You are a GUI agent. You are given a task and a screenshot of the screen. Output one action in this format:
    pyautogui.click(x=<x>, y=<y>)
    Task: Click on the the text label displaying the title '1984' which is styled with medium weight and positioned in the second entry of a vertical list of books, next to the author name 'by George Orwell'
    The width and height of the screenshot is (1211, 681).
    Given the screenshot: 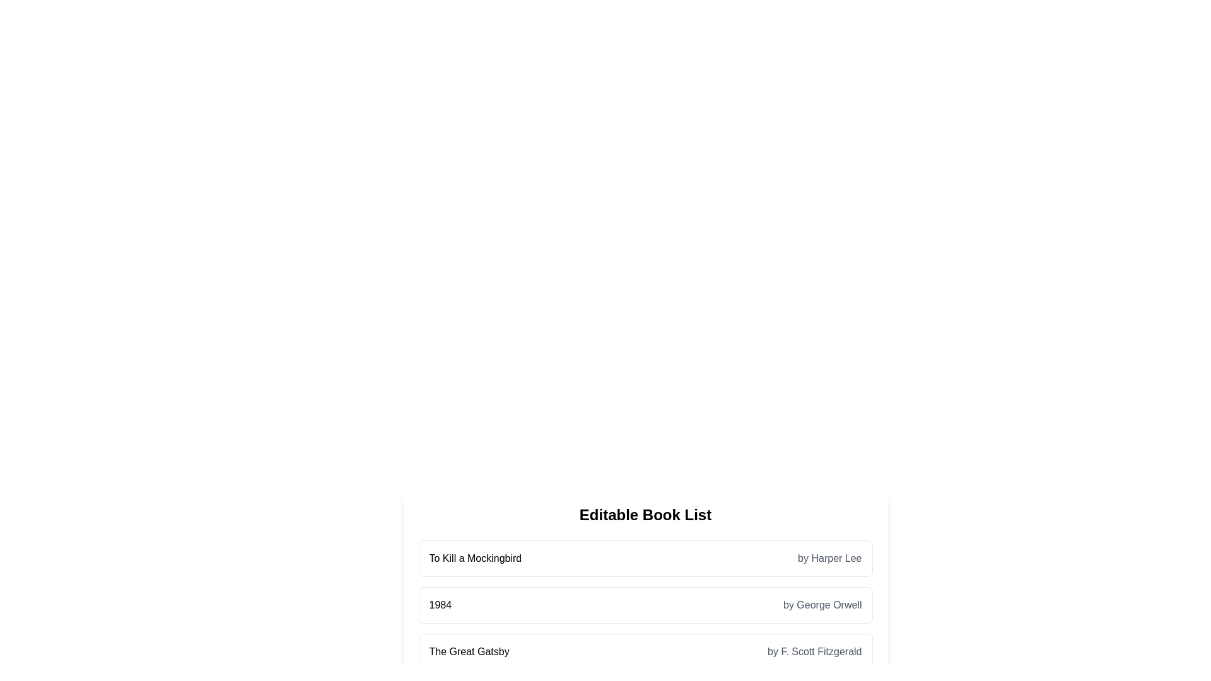 What is the action you would take?
    pyautogui.click(x=440, y=605)
    